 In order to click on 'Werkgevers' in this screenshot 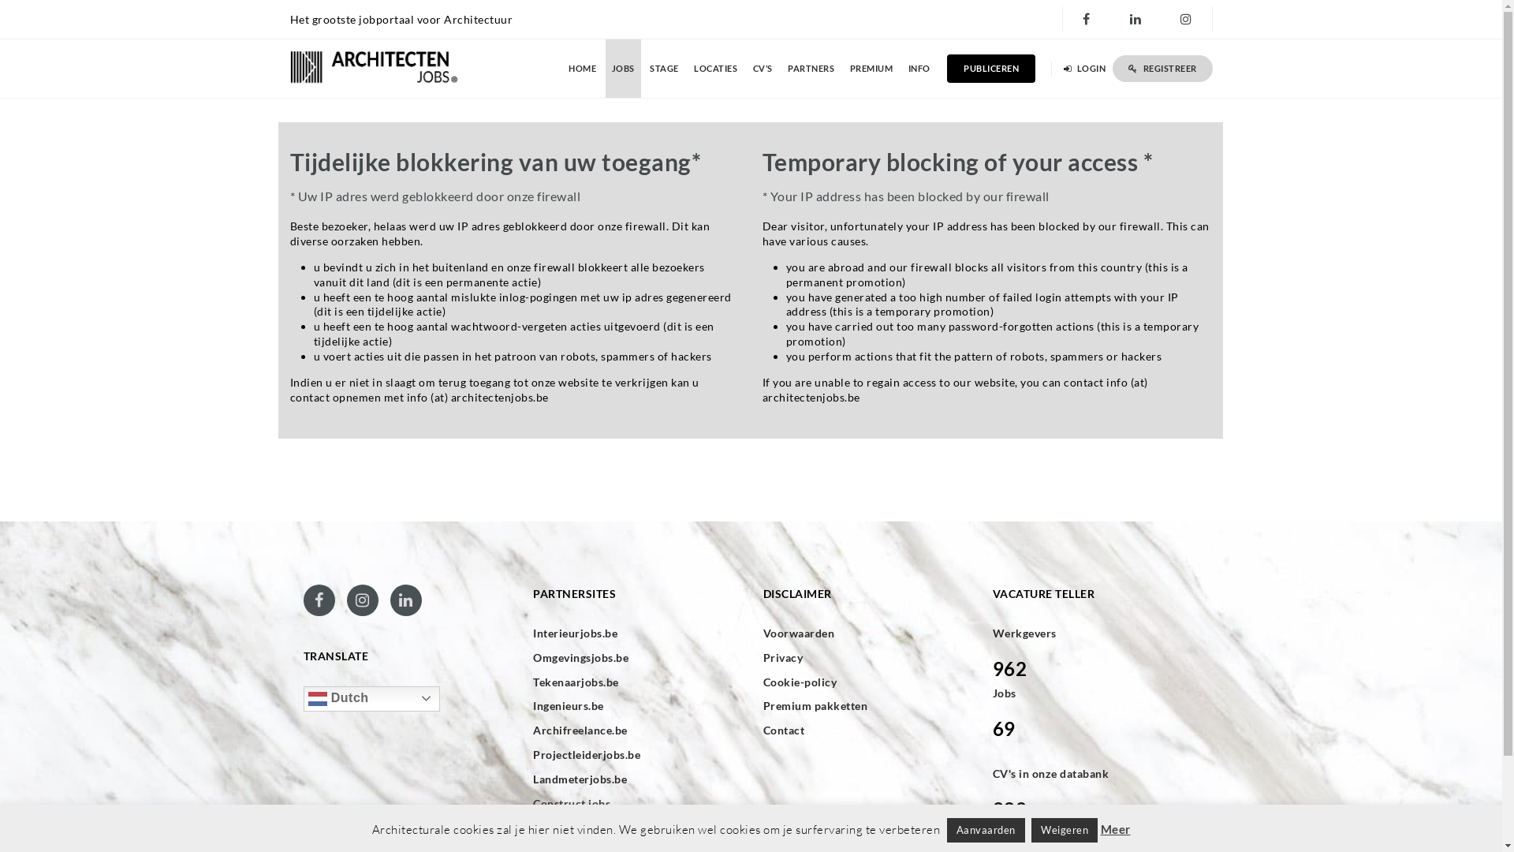, I will do `click(1024, 632)`.